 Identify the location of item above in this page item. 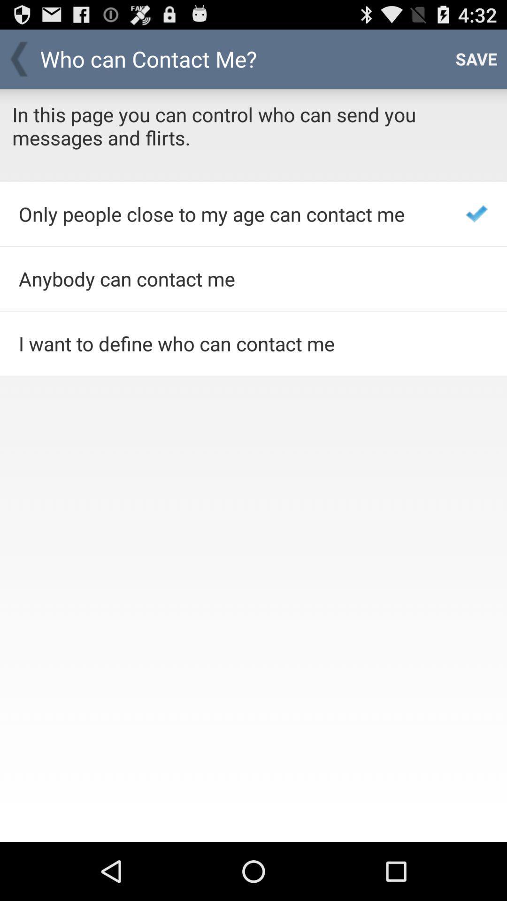
(476, 58).